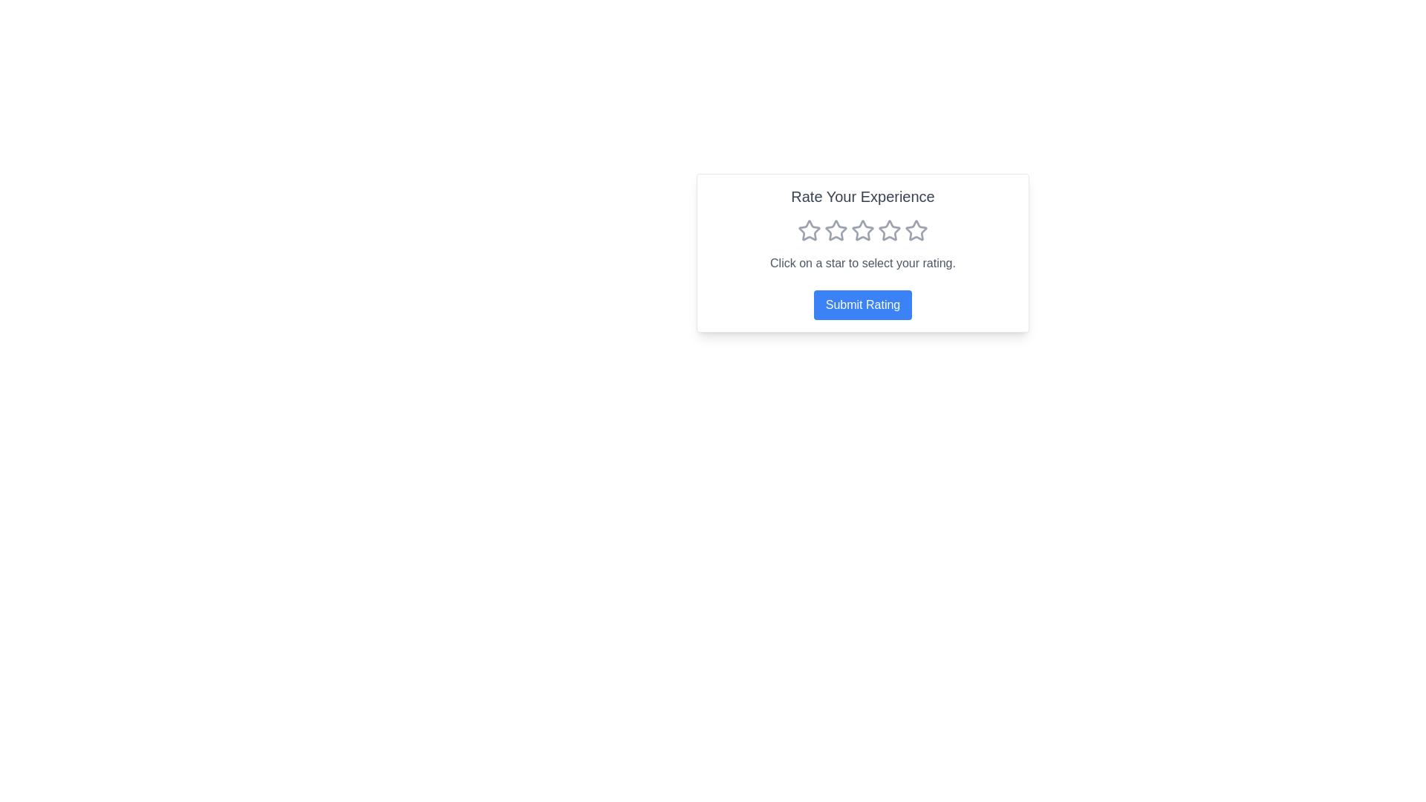  Describe the element at coordinates (890, 230) in the screenshot. I see `the fourth star in the horizontal sequence of five rating stars to rate 4` at that location.